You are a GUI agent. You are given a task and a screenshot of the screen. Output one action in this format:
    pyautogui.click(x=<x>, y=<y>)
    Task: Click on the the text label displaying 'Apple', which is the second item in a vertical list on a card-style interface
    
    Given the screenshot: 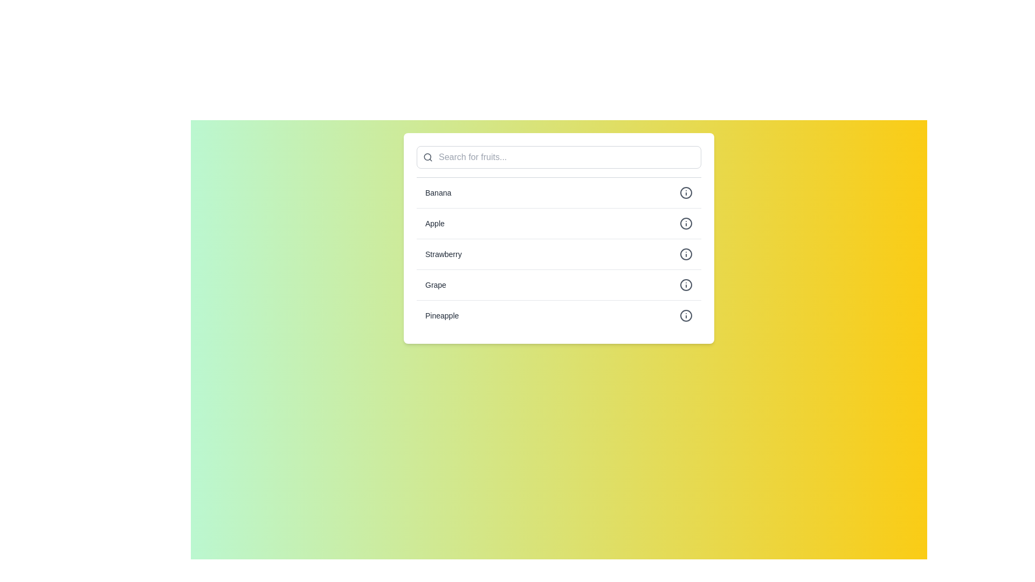 What is the action you would take?
    pyautogui.click(x=434, y=223)
    